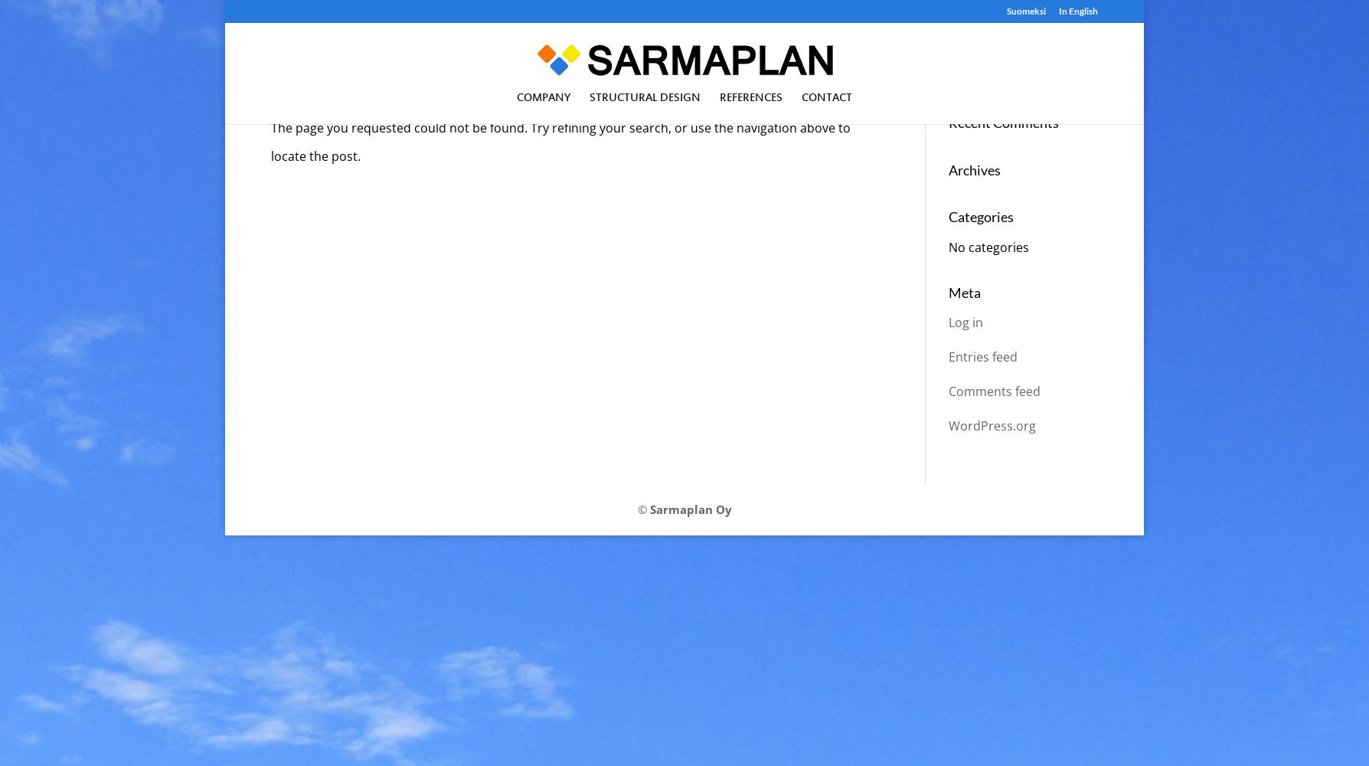 The height and width of the screenshot is (766, 1369). I want to click on 'Company', so click(543, 98).